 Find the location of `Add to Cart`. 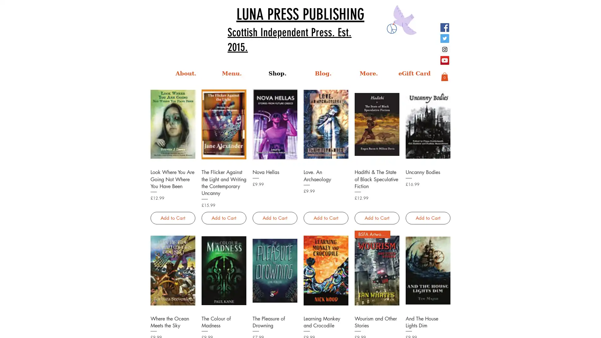

Add to Cart is located at coordinates (427, 218).